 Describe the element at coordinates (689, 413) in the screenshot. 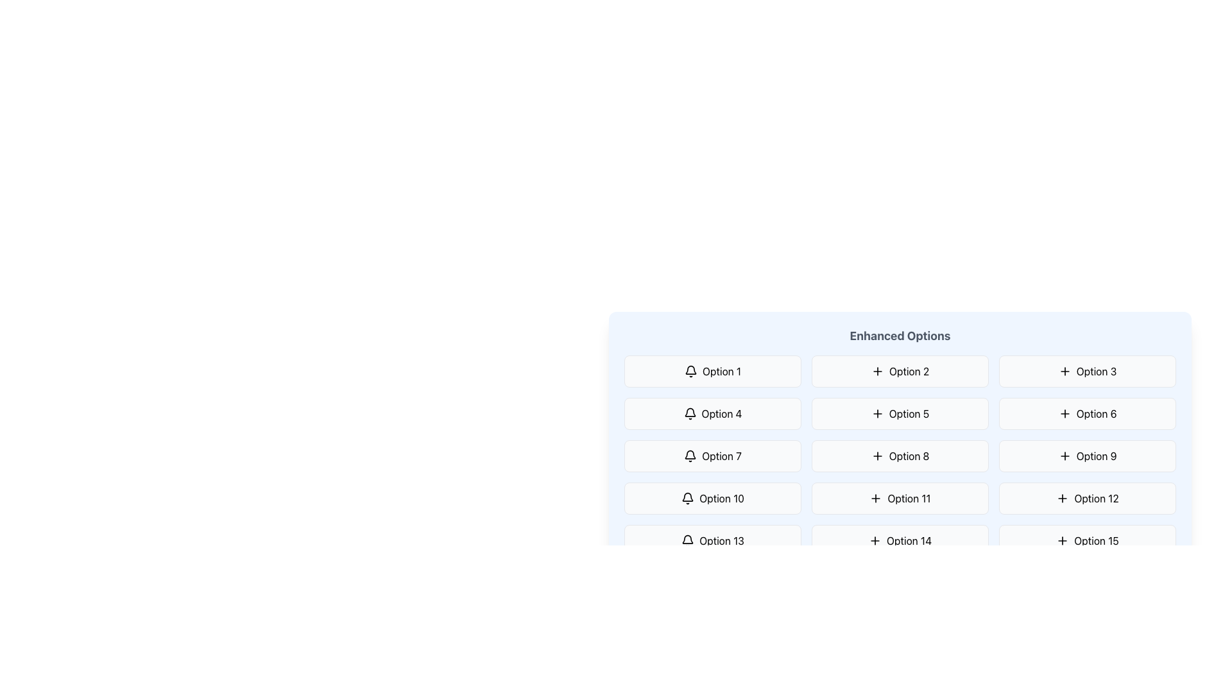

I see `the bell icon located on the left side of the 'Option 4' button in the grid layout` at that location.